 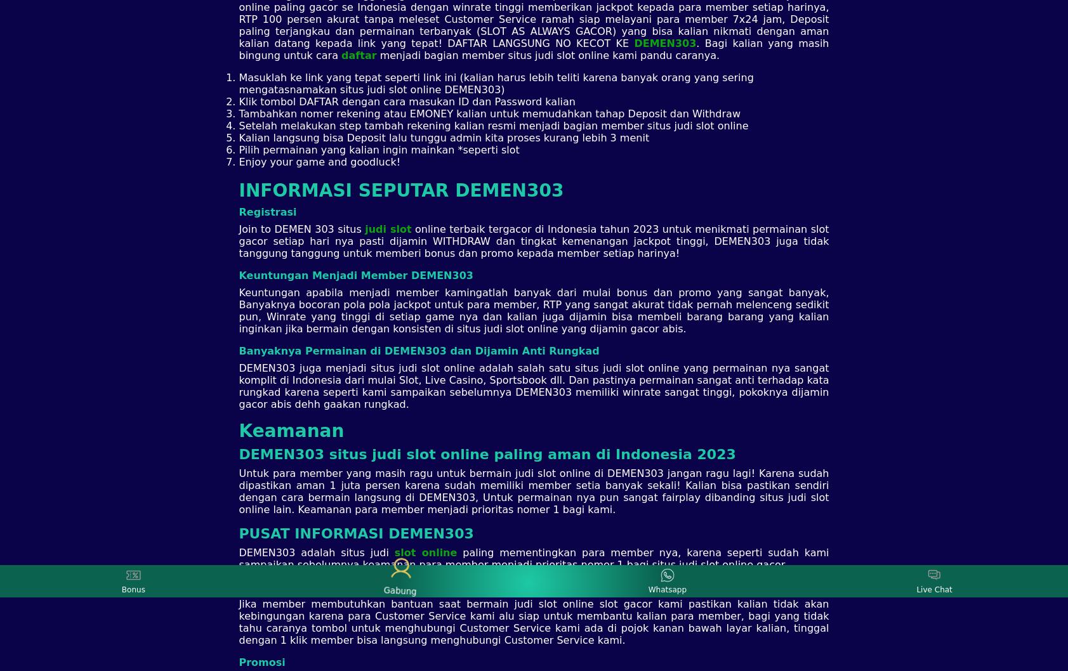 I want to click on 'daftar', so click(x=358, y=55).